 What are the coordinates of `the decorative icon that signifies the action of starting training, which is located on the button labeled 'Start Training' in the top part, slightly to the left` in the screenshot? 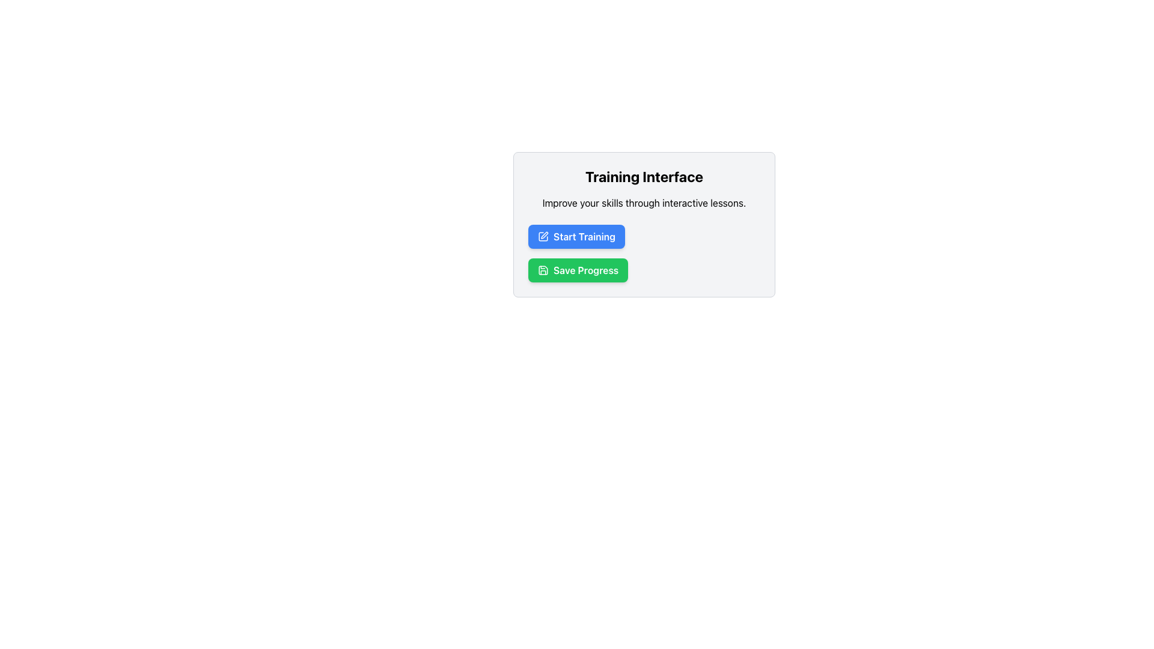 It's located at (542, 236).